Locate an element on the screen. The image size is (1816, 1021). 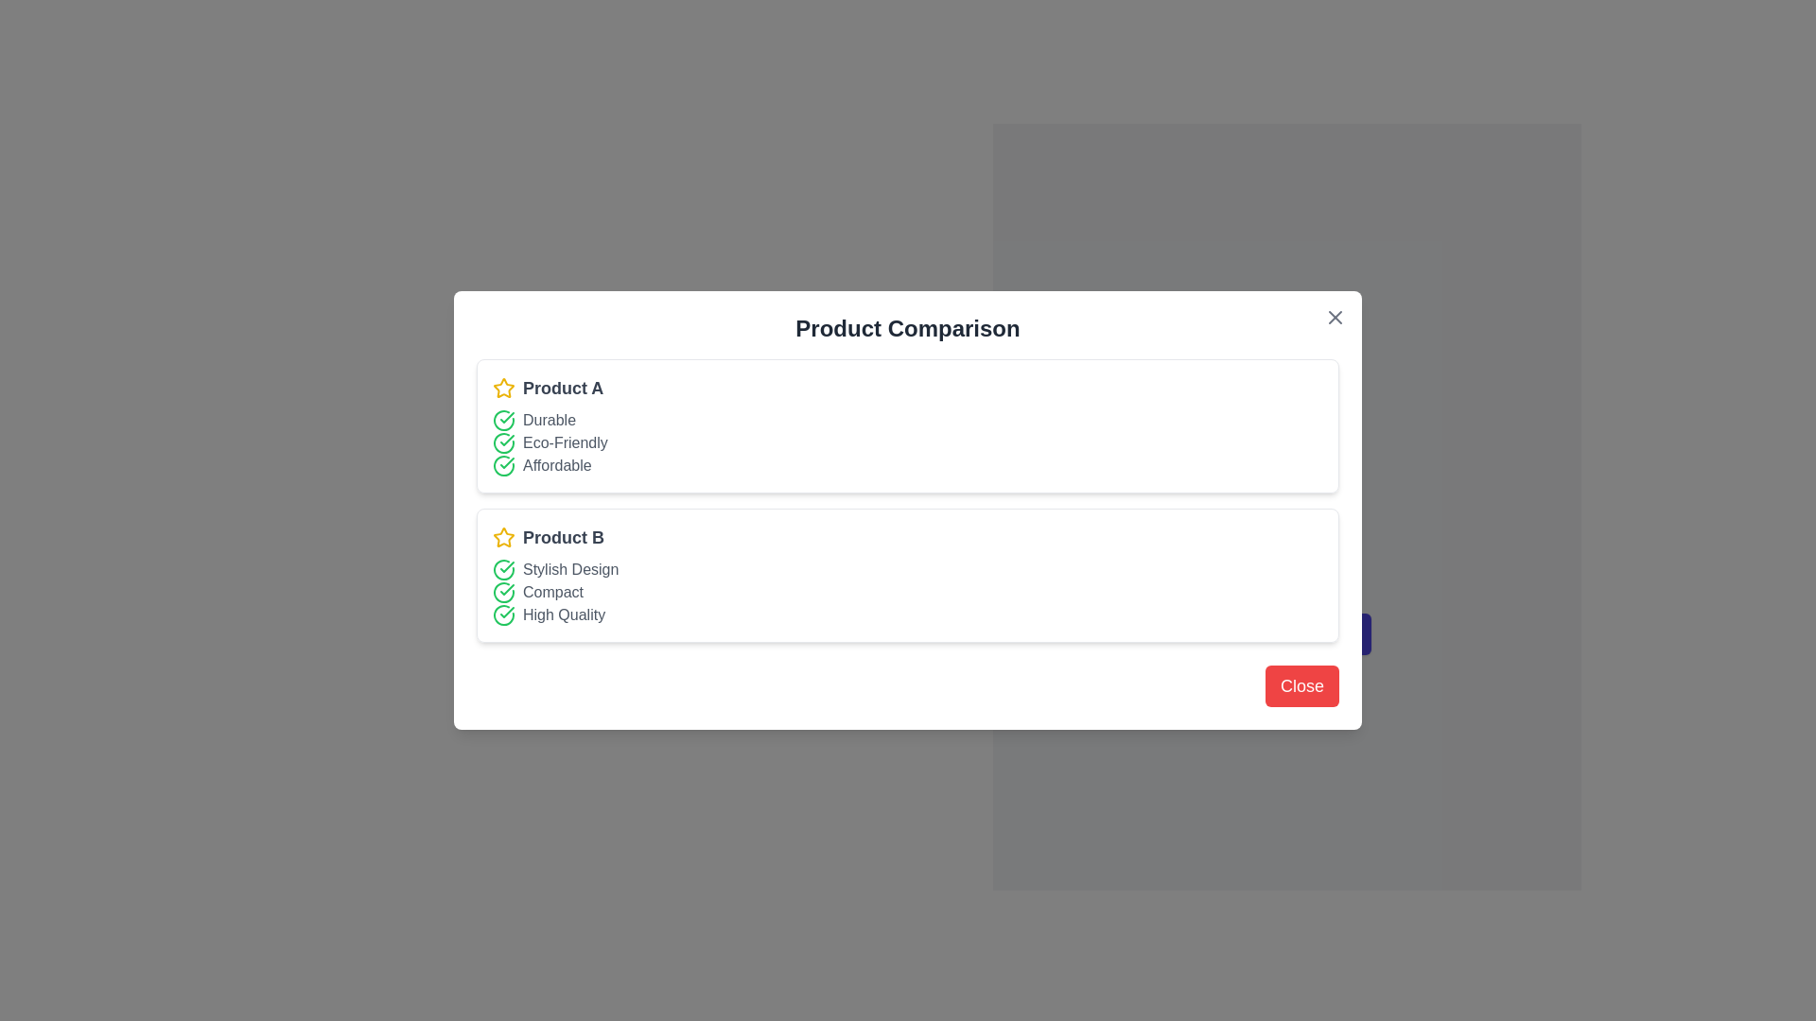
the green circular icon with a checkmark, located to the left of the 'High Quality' text in the 'Product B' section is located at coordinates (503, 615).